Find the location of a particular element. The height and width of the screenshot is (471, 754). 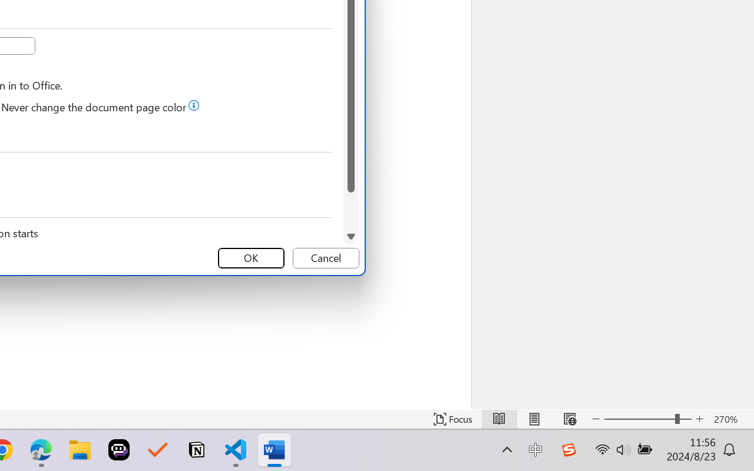

'OK' is located at coordinates (250, 257).